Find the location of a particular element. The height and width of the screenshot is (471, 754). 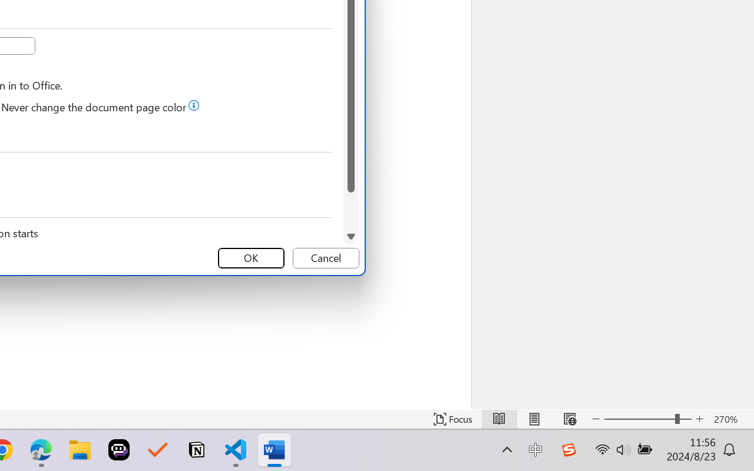

'OK' is located at coordinates (250, 257).